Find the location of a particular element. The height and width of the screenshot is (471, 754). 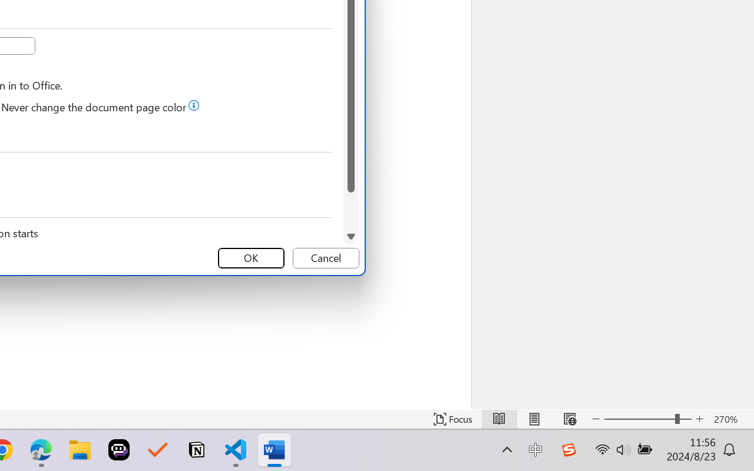

'OK' is located at coordinates (250, 257).